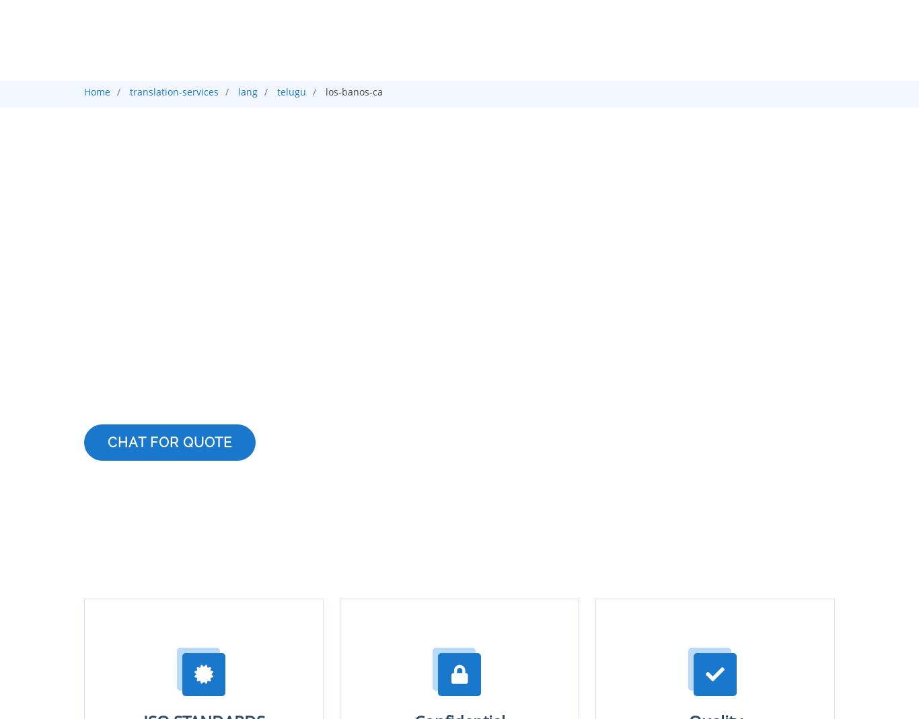 This screenshot has height=719, width=919. Describe the element at coordinates (83, 193) in the screenshot. I see `'Telugu Translation Company in Los banos'` at that location.